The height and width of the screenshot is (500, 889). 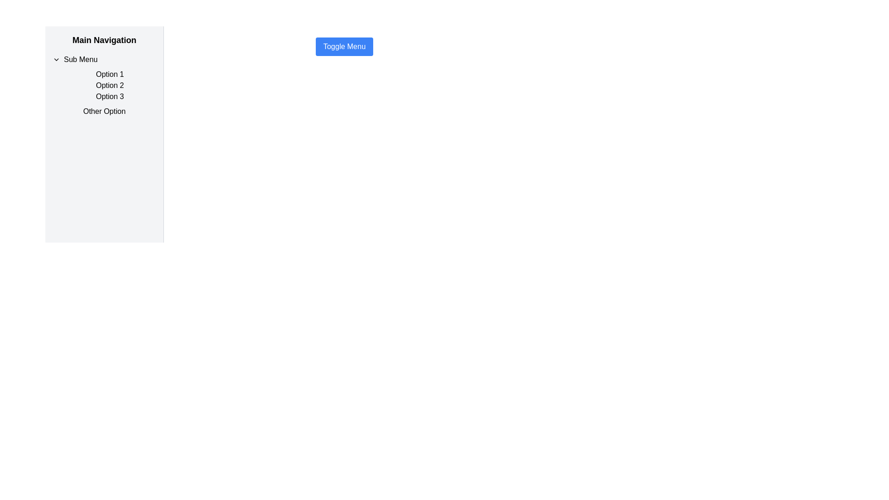 I want to click on the downward-facing chevron icon located to the left of the 'Sub Menu' text in the main navigation panel, so click(x=56, y=59).